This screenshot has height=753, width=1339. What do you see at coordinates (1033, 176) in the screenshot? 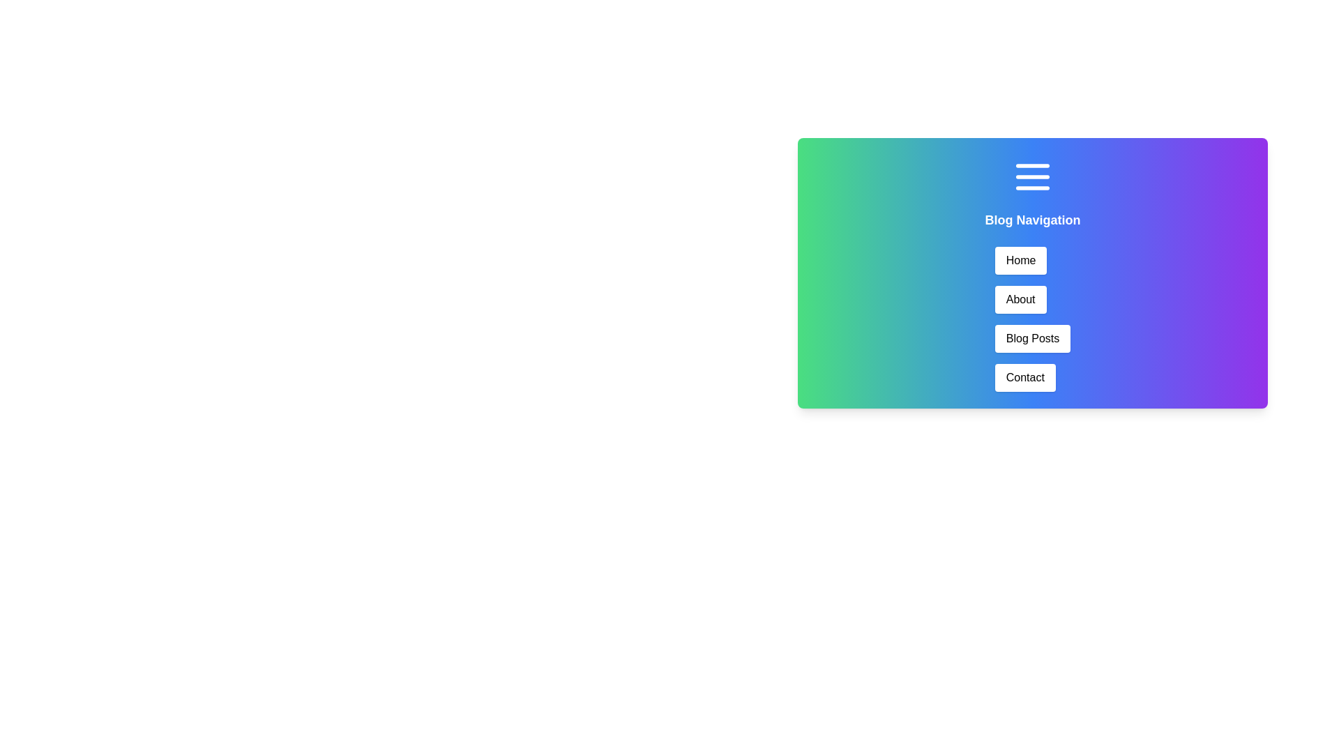
I see `the menu icon to open additional options` at bounding box center [1033, 176].